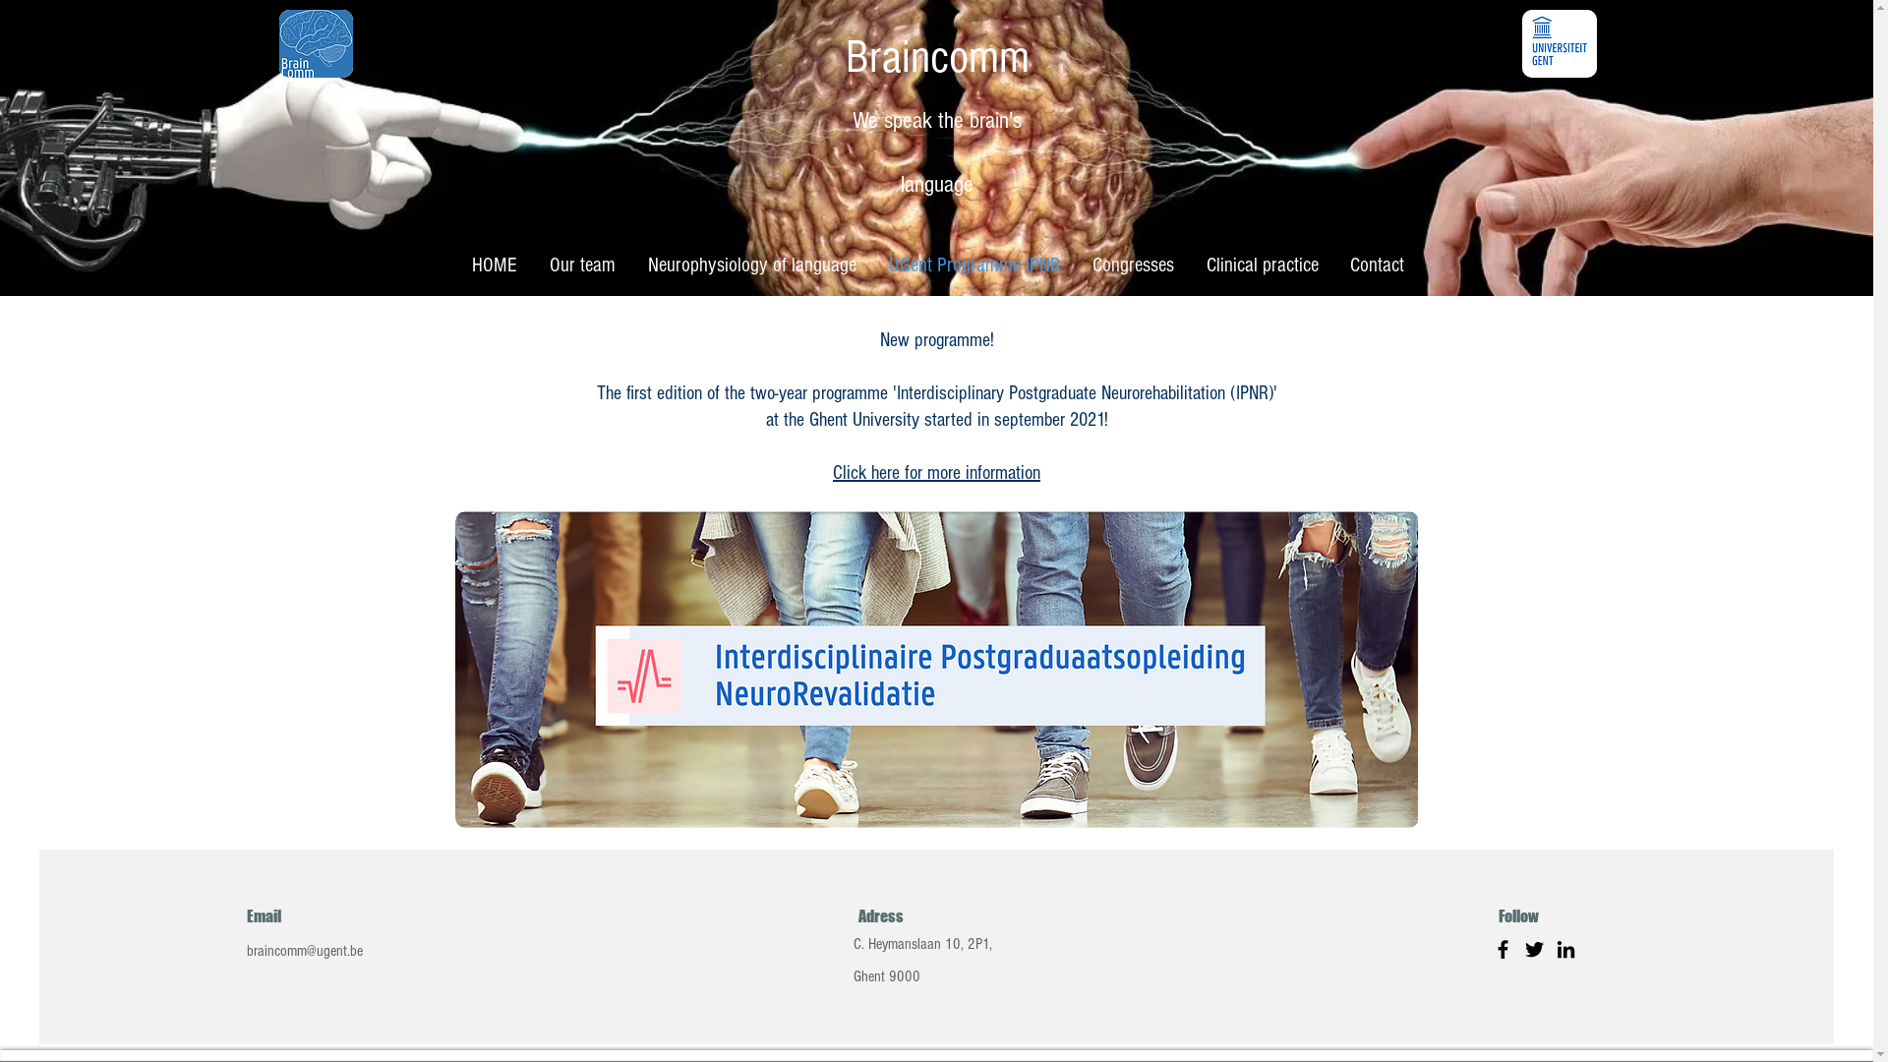 The image size is (1888, 1062). Describe the element at coordinates (631, 265) in the screenshot. I see `'Neurophysiology of language'` at that location.